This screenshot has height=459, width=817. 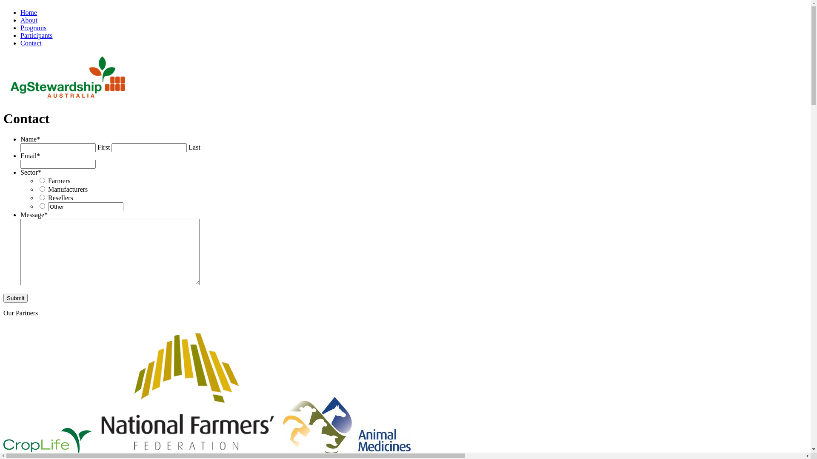 I want to click on 'Contact', so click(x=31, y=43).